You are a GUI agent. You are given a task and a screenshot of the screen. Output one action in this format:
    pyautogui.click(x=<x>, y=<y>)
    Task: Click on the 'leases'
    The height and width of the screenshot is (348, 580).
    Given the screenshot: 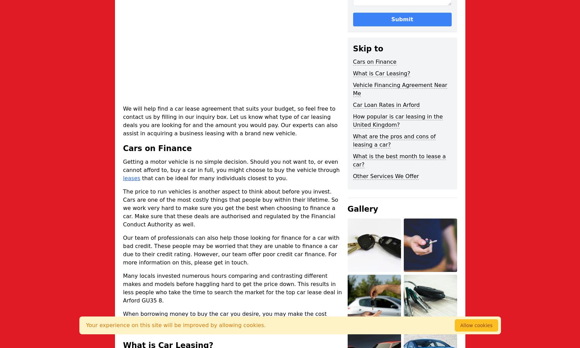 What is the action you would take?
    pyautogui.click(x=123, y=177)
    